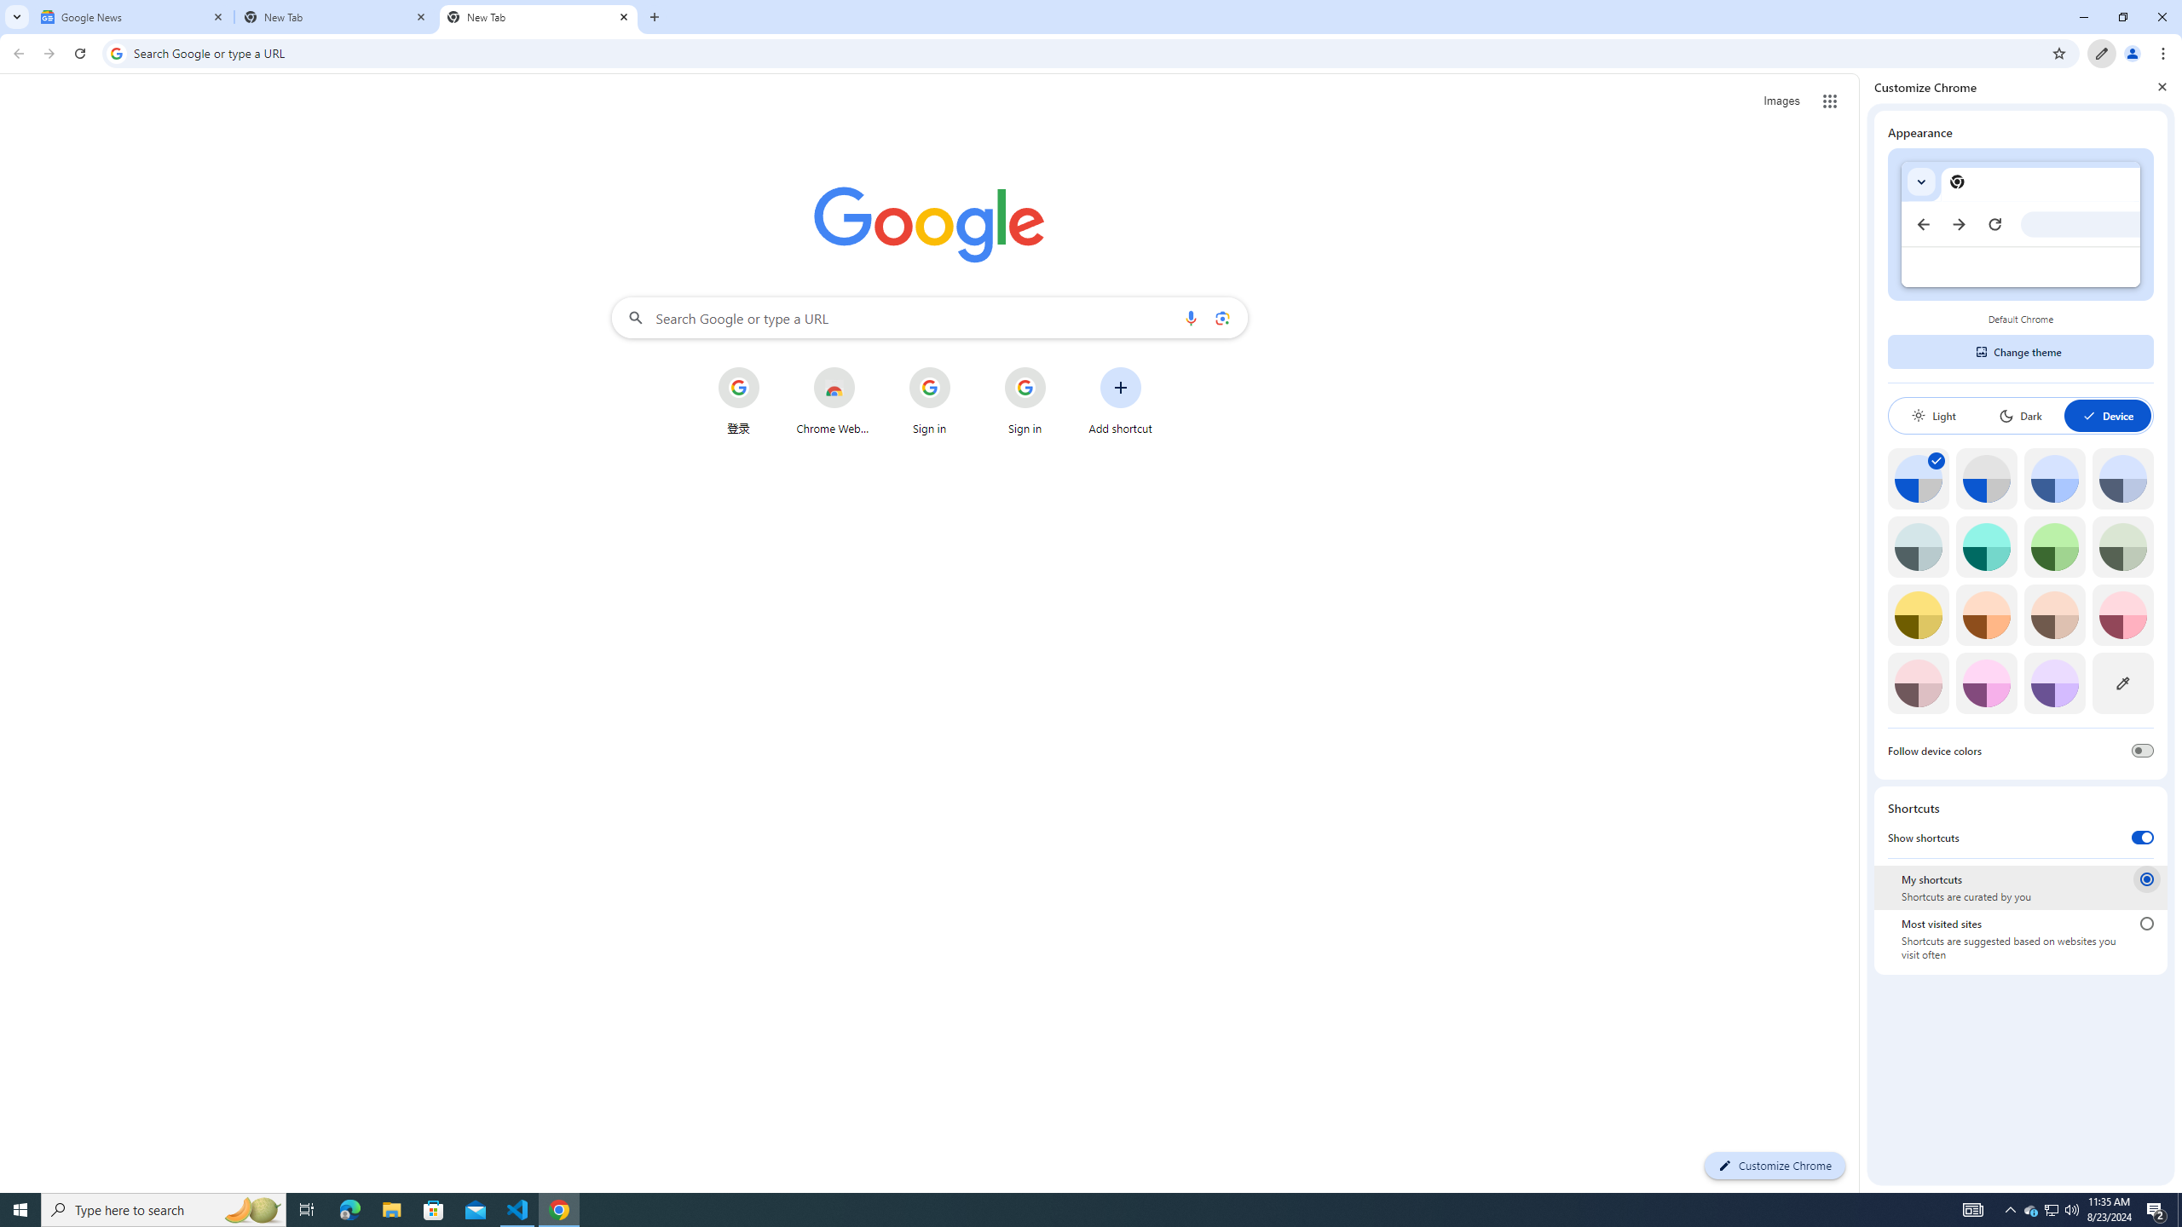 The width and height of the screenshot is (2182, 1227). Describe the element at coordinates (1918, 477) in the screenshot. I see `'Default color'` at that location.